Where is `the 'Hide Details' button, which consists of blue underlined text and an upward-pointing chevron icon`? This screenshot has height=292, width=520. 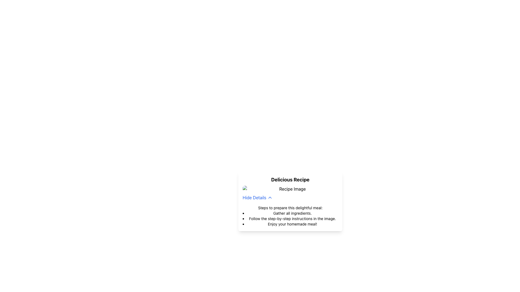 the 'Hide Details' button, which consists of blue underlined text and an upward-pointing chevron icon is located at coordinates (257, 198).